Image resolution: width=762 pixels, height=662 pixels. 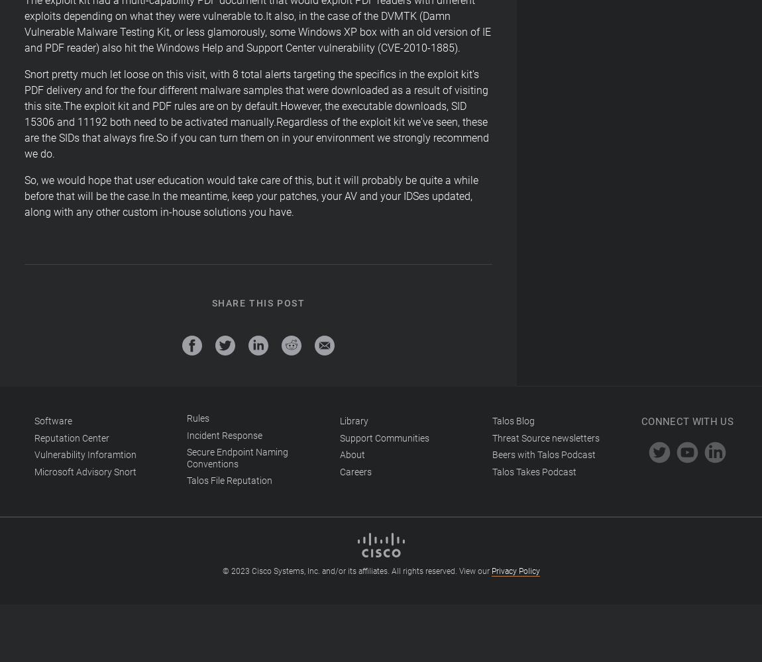 What do you see at coordinates (256, 114) in the screenshot?
I see `'Snort pretty much let loose on this visit, with 8 total alerts targeting the specifics in the exploit kit's PDF delivery and for the four different malware samples that were downloaded as a result of visiting this site.The exploit kit and PDF rules are on by default.However, the executable downloads, SID 15306 and 11192 both need to be activated manually.Regardless of the exploit kit we've seen, these are the SIDs that always fire.So if you can turn them on in your environment we strongly recommend we do.'` at bounding box center [256, 114].